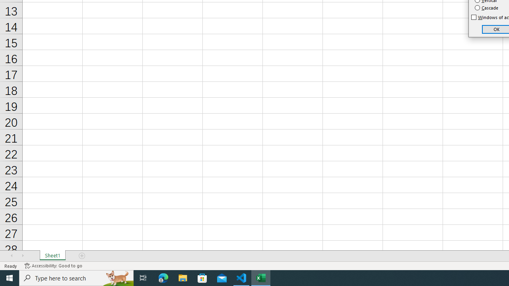 This screenshot has width=509, height=286. I want to click on 'File Explorer', so click(183, 277).